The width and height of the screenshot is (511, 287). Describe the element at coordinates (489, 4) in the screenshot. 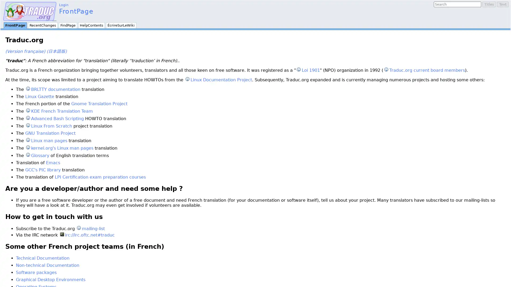

I see `Titles` at that location.